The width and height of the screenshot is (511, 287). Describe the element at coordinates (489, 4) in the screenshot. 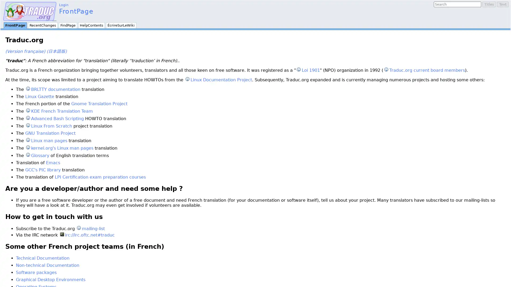

I see `Titles` at that location.